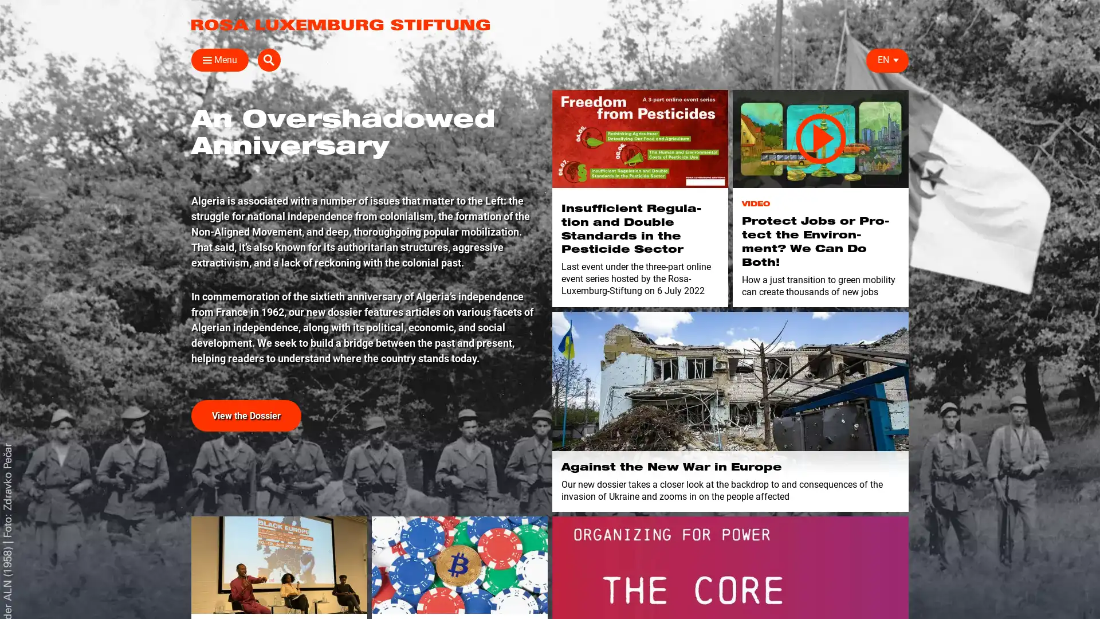 This screenshot has width=1100, height=619. What do you see at coordinates (365, 226) in the screenshot?
I see `Show more / less` at bounding box center [365, 226].